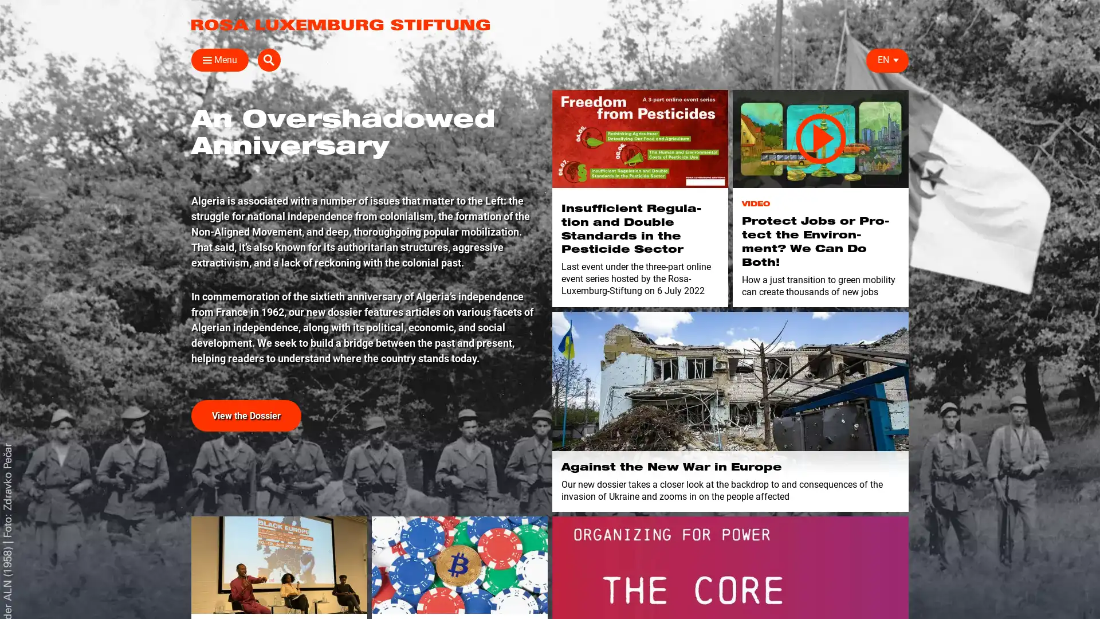 This screenshot has width=1100, height=619. What do you see at coordinates (365, 226) in the screenshot?
I see `Show more / less` at bounding box center [365, 226].